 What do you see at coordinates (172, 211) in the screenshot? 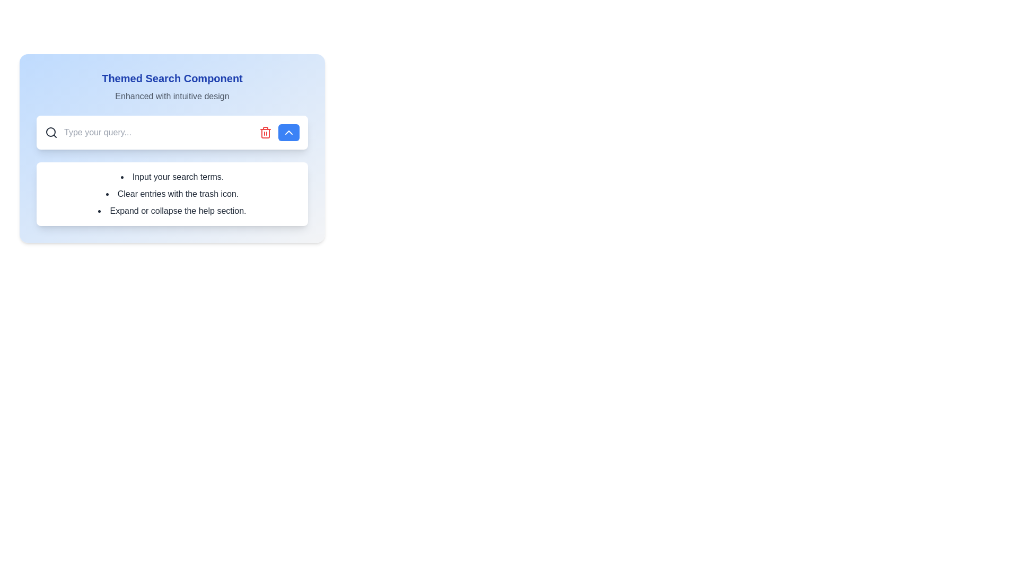
I see `the third item in the bulleted list that provides instructions for interacting with the interface, specifically below 'Input your search terms.' and 'Clear entries with the trash icon.'` at bounding box center [172, 211].